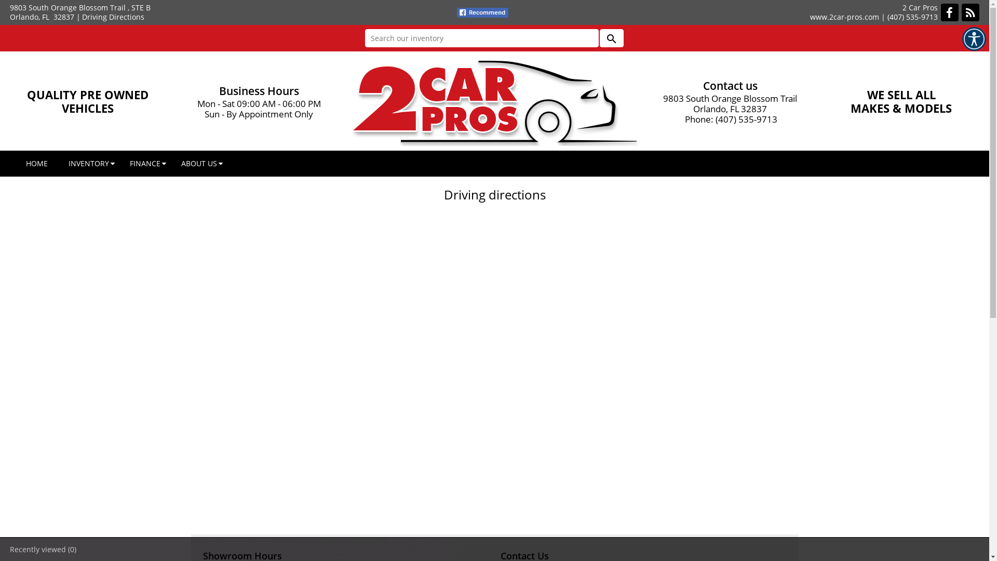 The height and width of the screenshot is (561, 997). Describe the element at coordinates (494, 101) in the screenshot. I see `'2 Car Pros, Orlando, FL'` at that location.